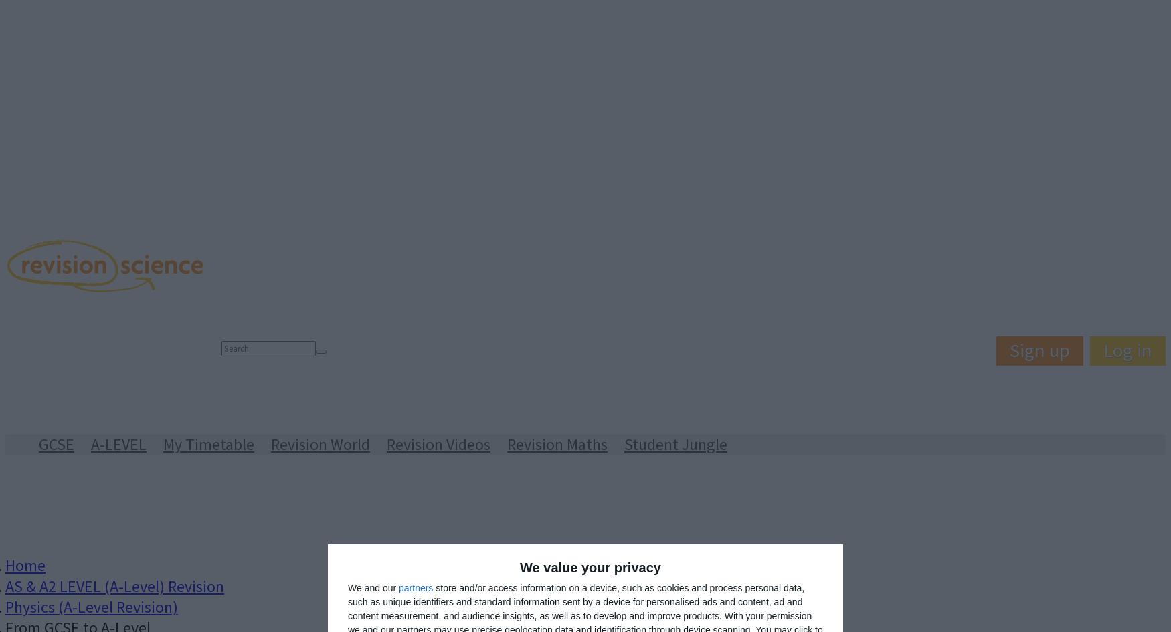  What do you see at coordinates (320, 443) in the screenshot?
I see `'Revision World'` at bounding box center [320, 443].